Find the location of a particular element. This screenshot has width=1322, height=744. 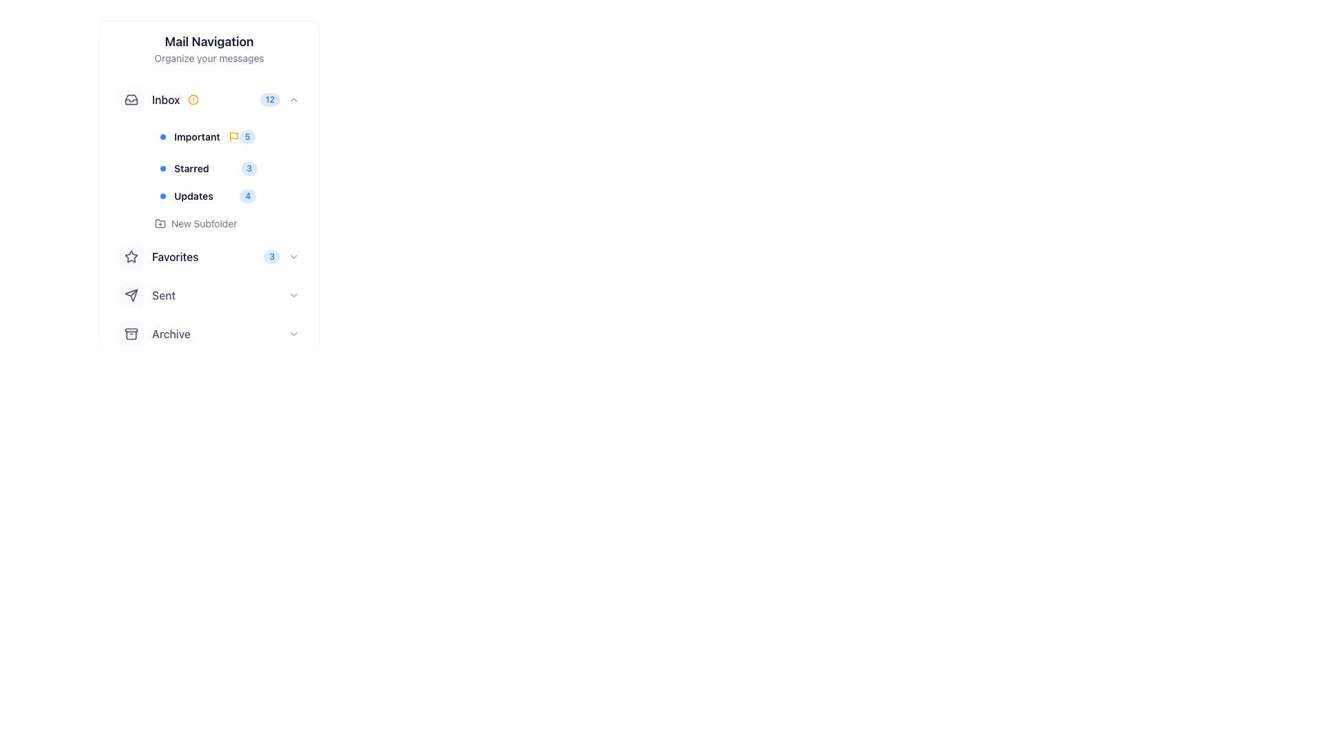

the 'Starred' navigation item located in the main navigation menu under 'Inbox' is located at coordinates (225, 168).